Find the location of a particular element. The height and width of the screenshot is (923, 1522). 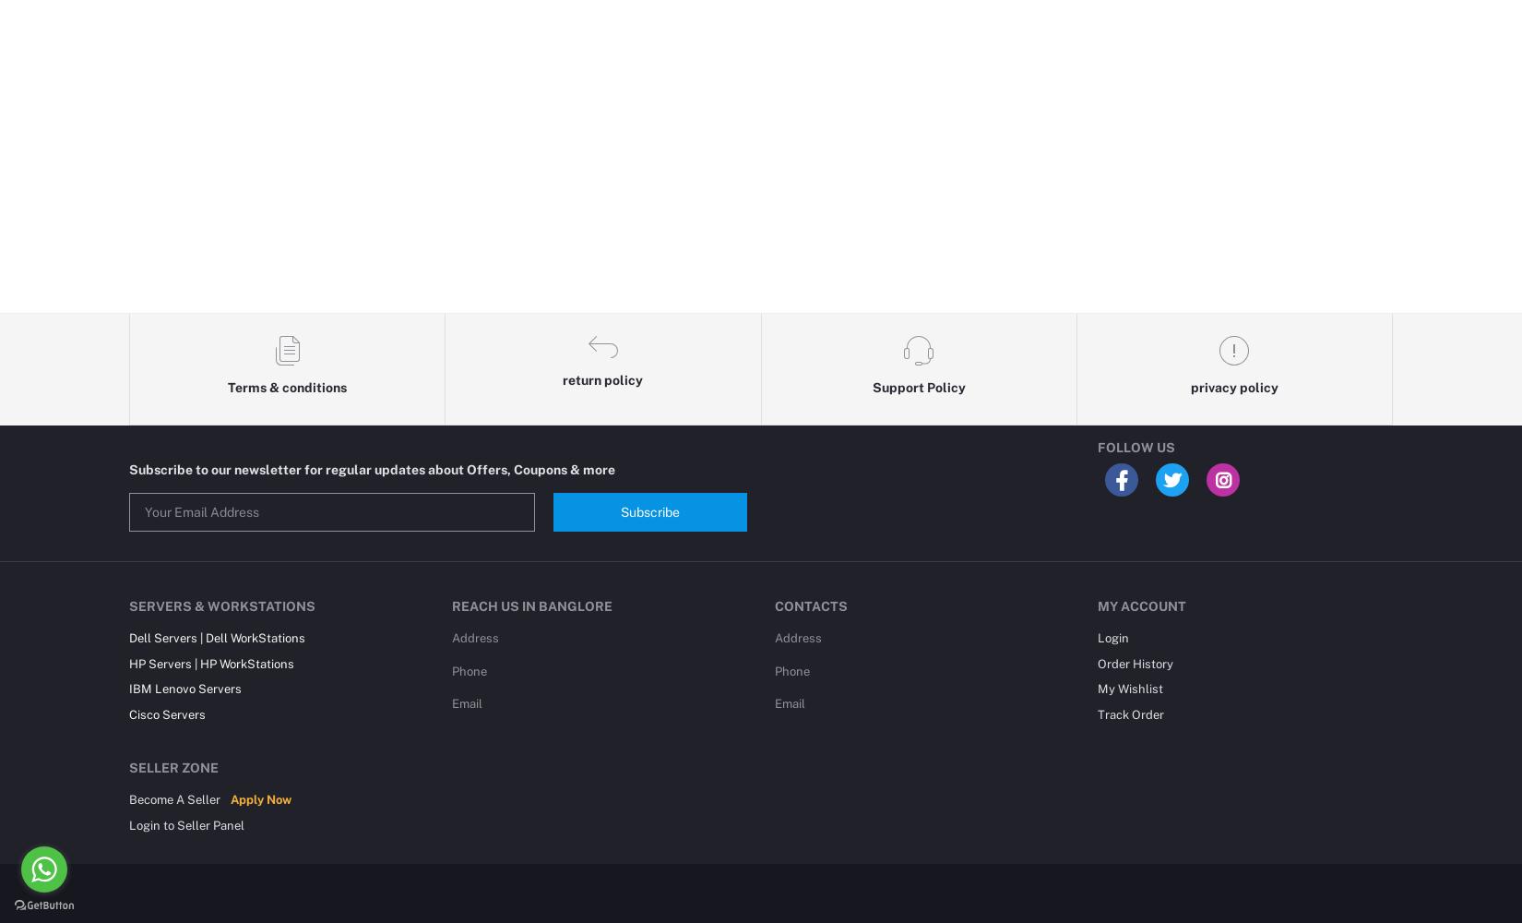

'privacy policy' is located at coordinates (1232, 387).